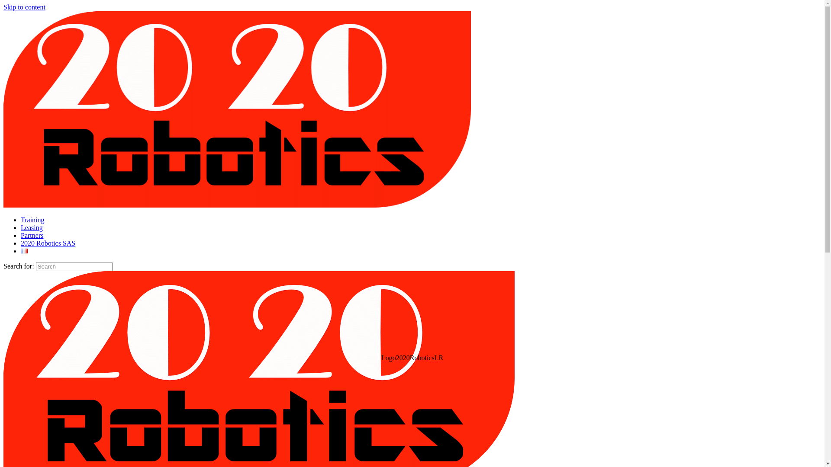  Describe the element at coordinates (32, 235) in the screenshot. I see `'Partners'` at that location.